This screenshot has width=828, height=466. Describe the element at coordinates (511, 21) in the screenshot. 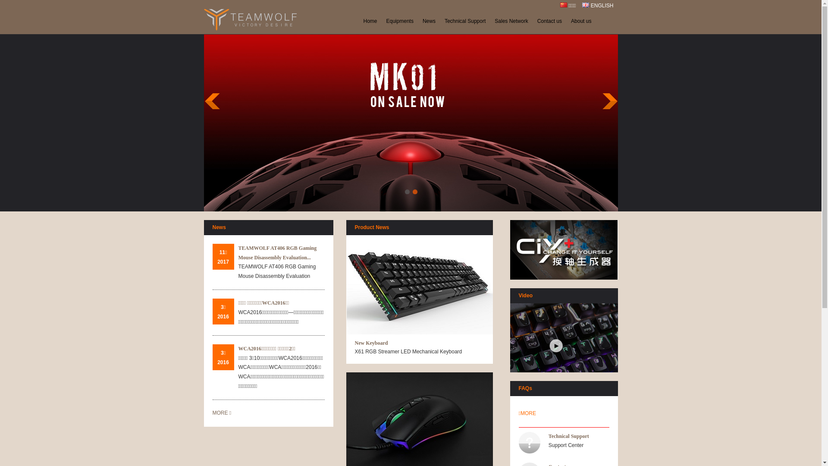

I see `'Sales Network'` at that location.